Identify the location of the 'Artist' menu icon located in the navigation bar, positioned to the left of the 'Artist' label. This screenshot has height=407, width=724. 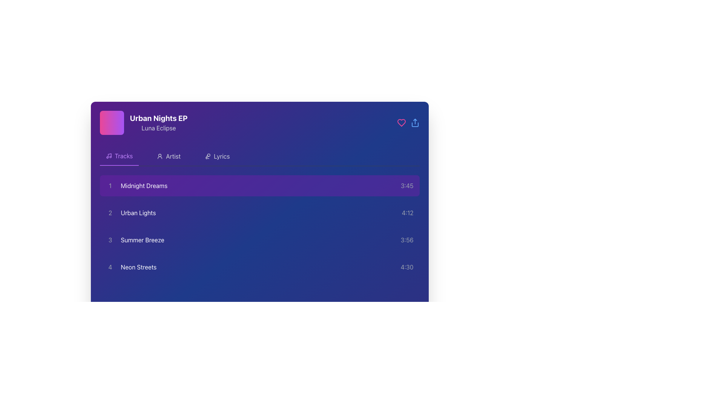
(159, 156).